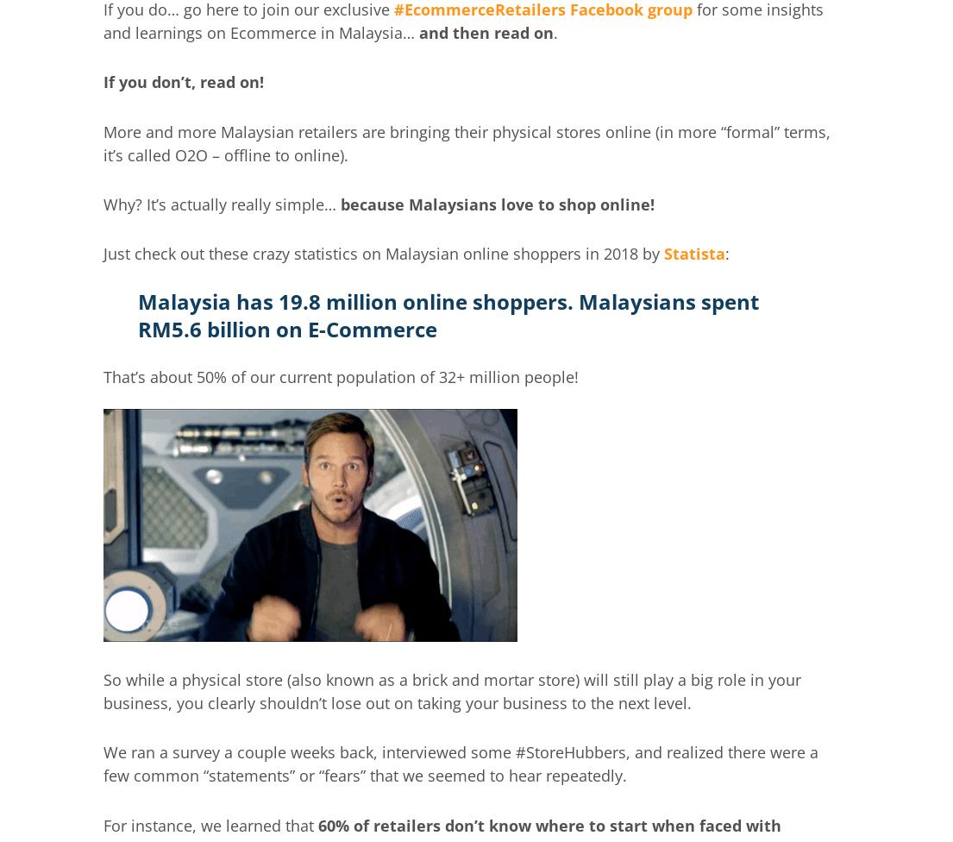 The width and height of the screenshot is (953, 842). I want to click on 'For instance, we learned that', so click(208, 823).